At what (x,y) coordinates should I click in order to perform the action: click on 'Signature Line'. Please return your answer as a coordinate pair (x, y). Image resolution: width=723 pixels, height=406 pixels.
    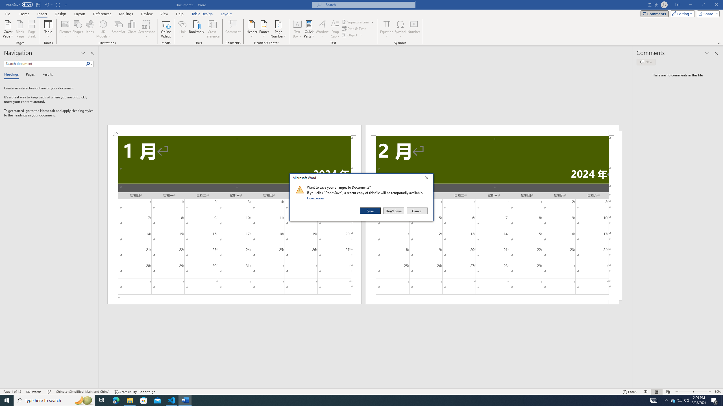
    Looking at the image, I should click on (358, 22).